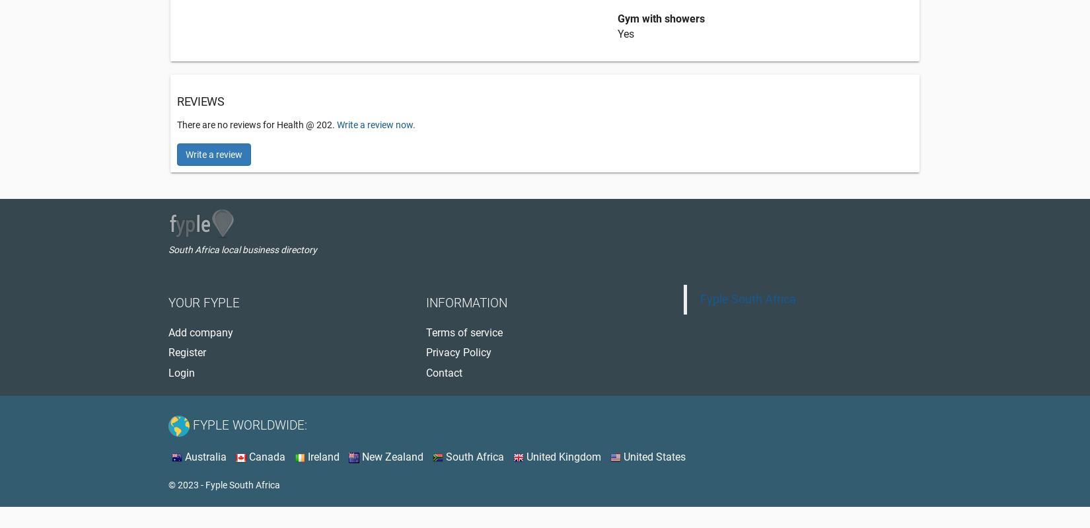 This screenshot has width=1090, height=528. I want to click on 'Australia', so click(204, 457).